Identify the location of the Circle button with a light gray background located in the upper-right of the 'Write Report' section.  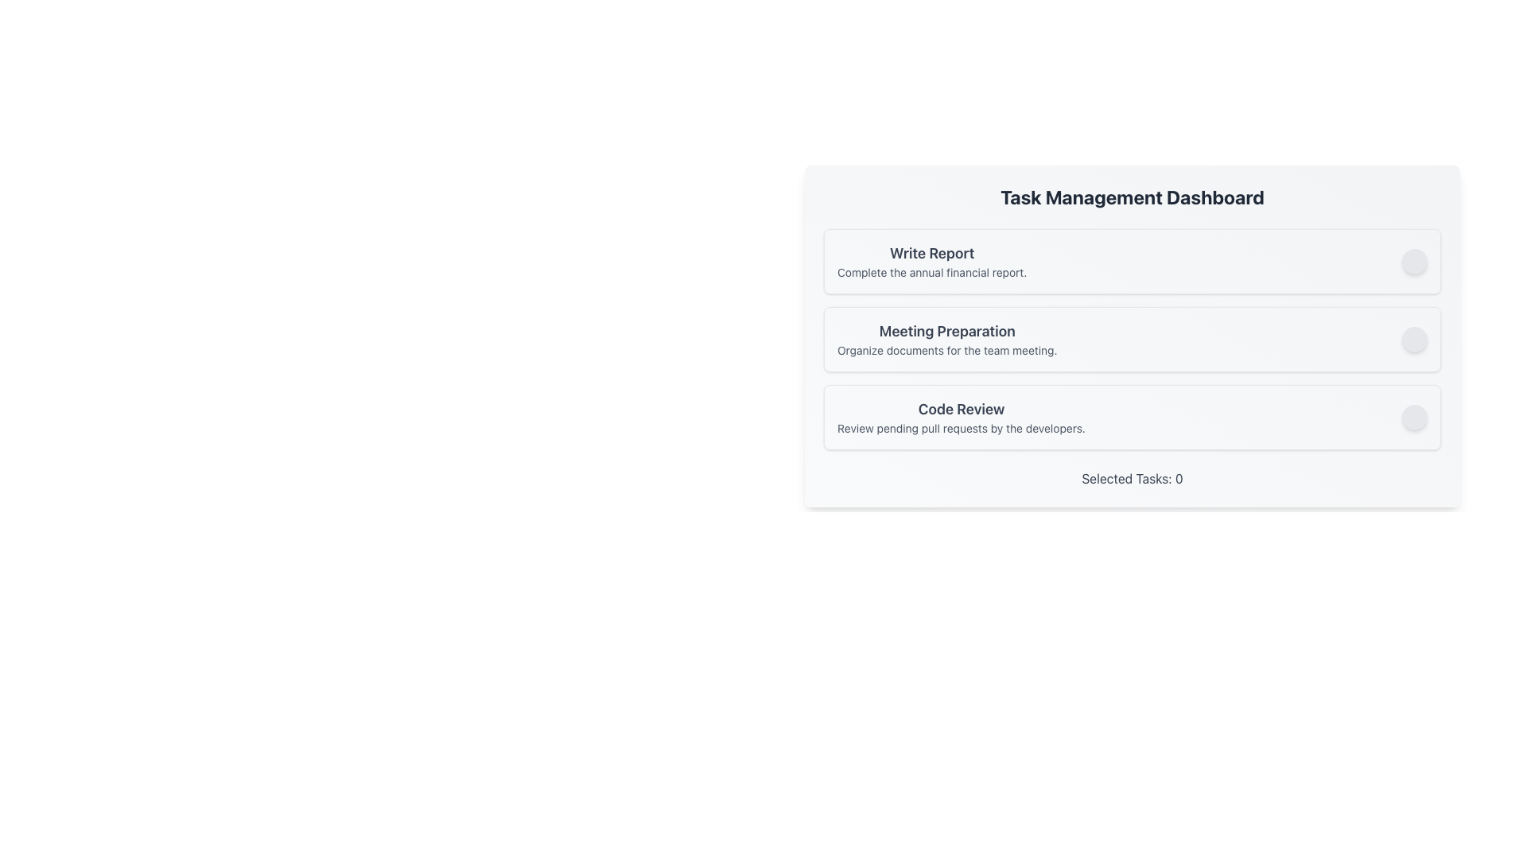
(1415, 260).